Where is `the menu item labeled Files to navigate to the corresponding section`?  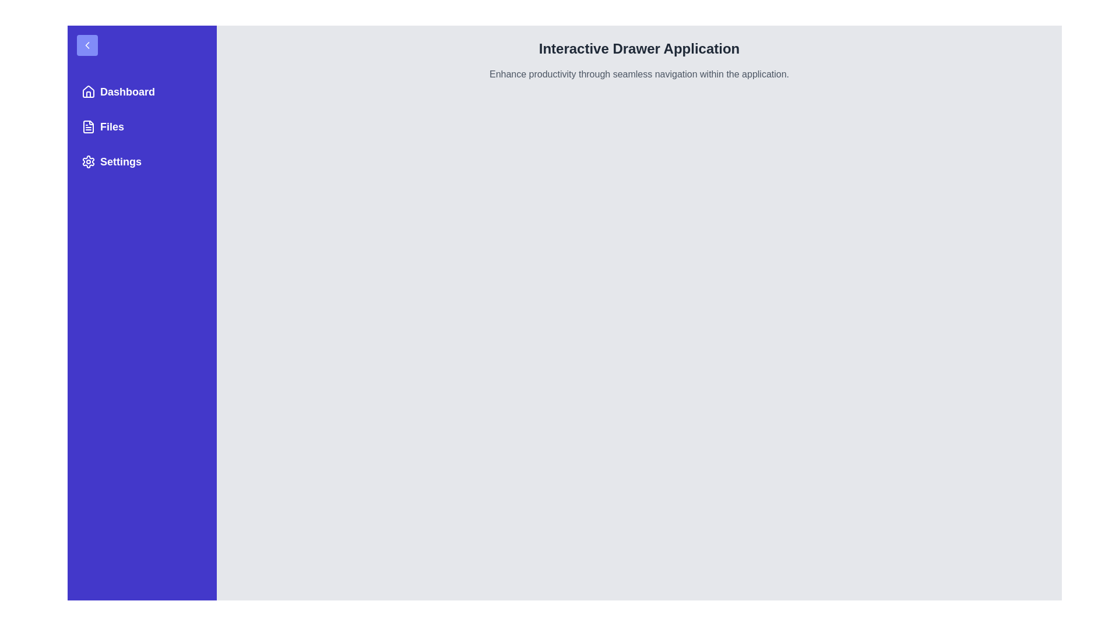
the menu item labeled Files to navigate to the corresponding section is located at coordinates (142, 127).